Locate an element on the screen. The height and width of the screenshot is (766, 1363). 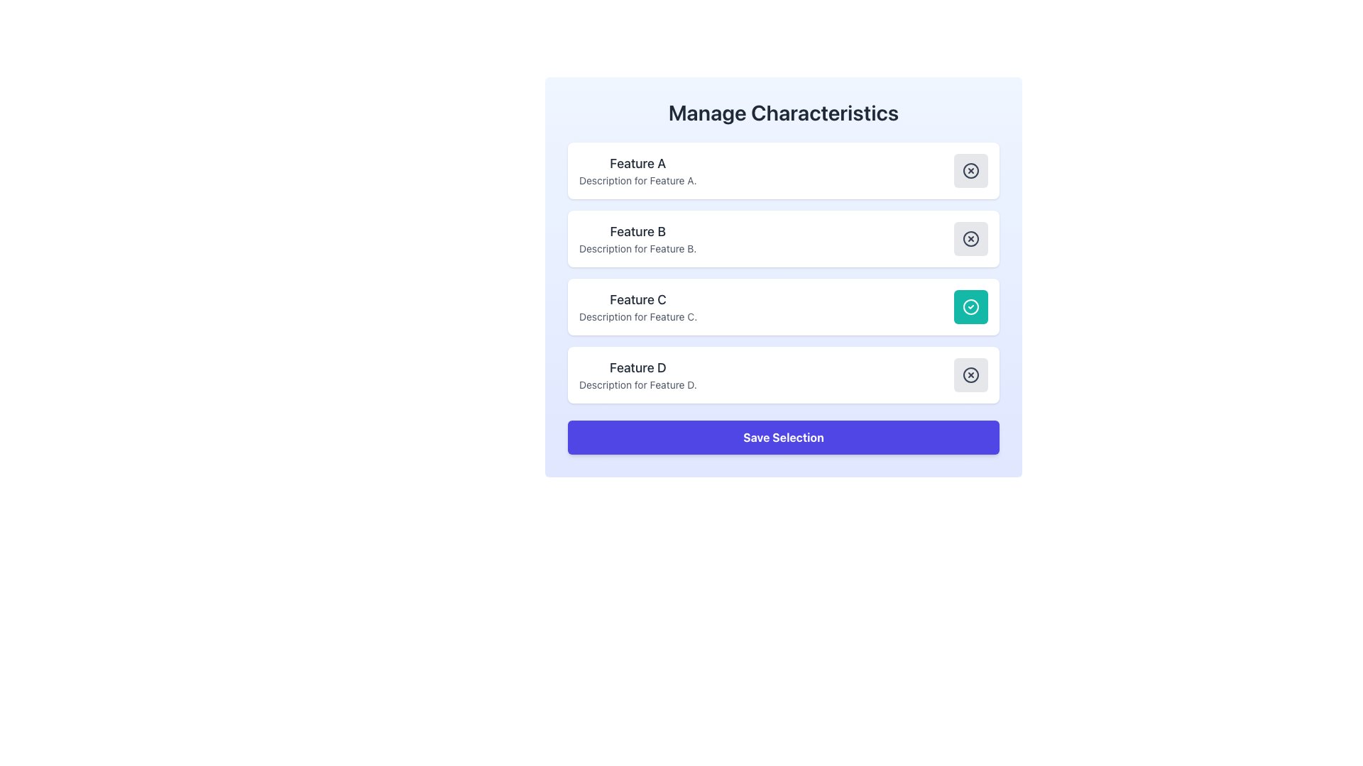
the gray text label reading 'Description for Feature A.' that is positioned directly below the title 'Feature A' in the vertically stacked list under 'Manage Characteristics' is located at coordinates (637, 179).